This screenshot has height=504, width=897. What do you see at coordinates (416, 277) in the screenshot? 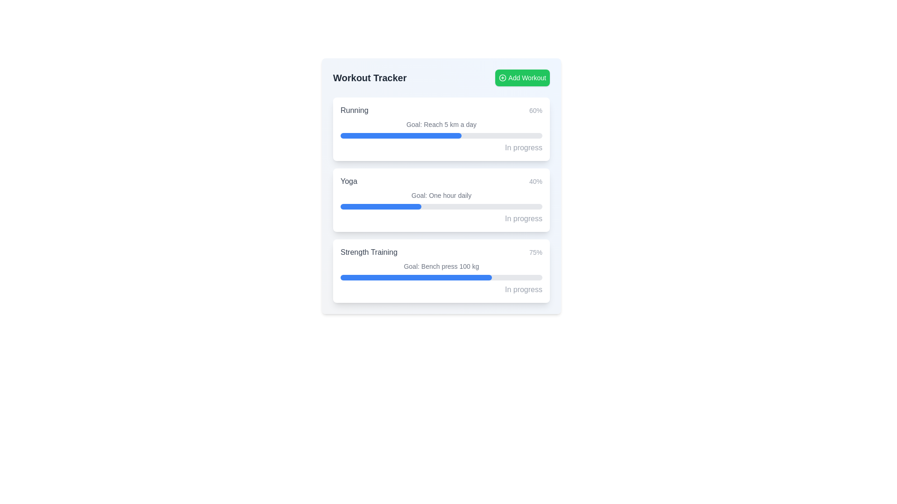
I see `the progress bar indicating 75% completion for the 'Strength Training' task, located inside the gray rounded rectangle below the goal text` at bounding box center [416, 277].